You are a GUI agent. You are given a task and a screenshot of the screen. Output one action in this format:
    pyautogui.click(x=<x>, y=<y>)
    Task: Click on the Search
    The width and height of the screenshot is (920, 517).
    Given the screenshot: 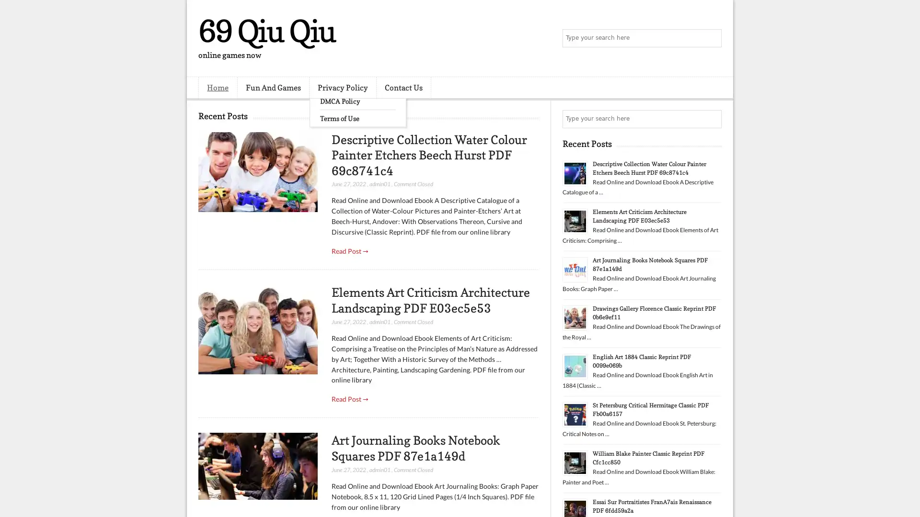 What is the action you would take?
    pyautogui.click(x=712, y=119)
    